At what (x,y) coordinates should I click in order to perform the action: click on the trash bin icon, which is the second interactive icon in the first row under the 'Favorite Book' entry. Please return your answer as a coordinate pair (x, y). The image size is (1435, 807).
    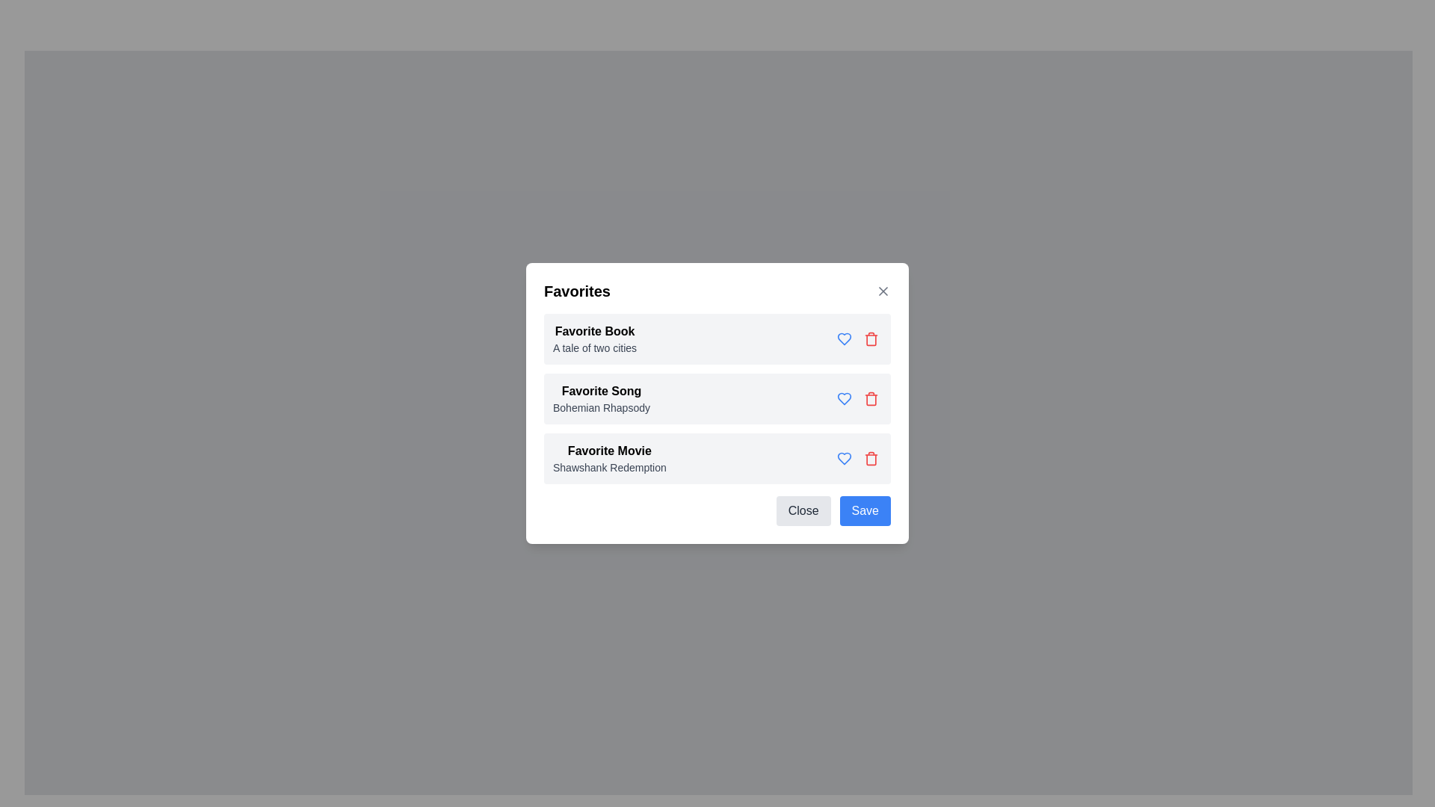
    Looking at the image, I should click on (871, 339).